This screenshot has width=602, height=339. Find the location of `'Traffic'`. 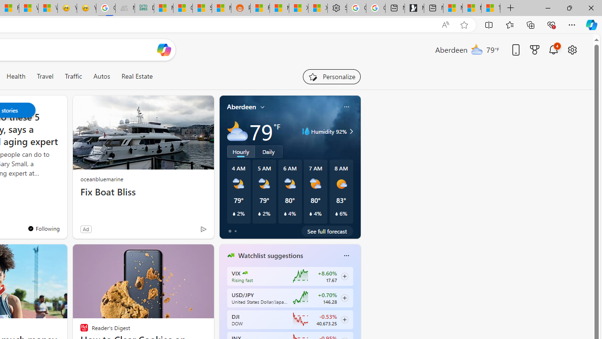

'Traffic' is located at coordinates (73, 76).